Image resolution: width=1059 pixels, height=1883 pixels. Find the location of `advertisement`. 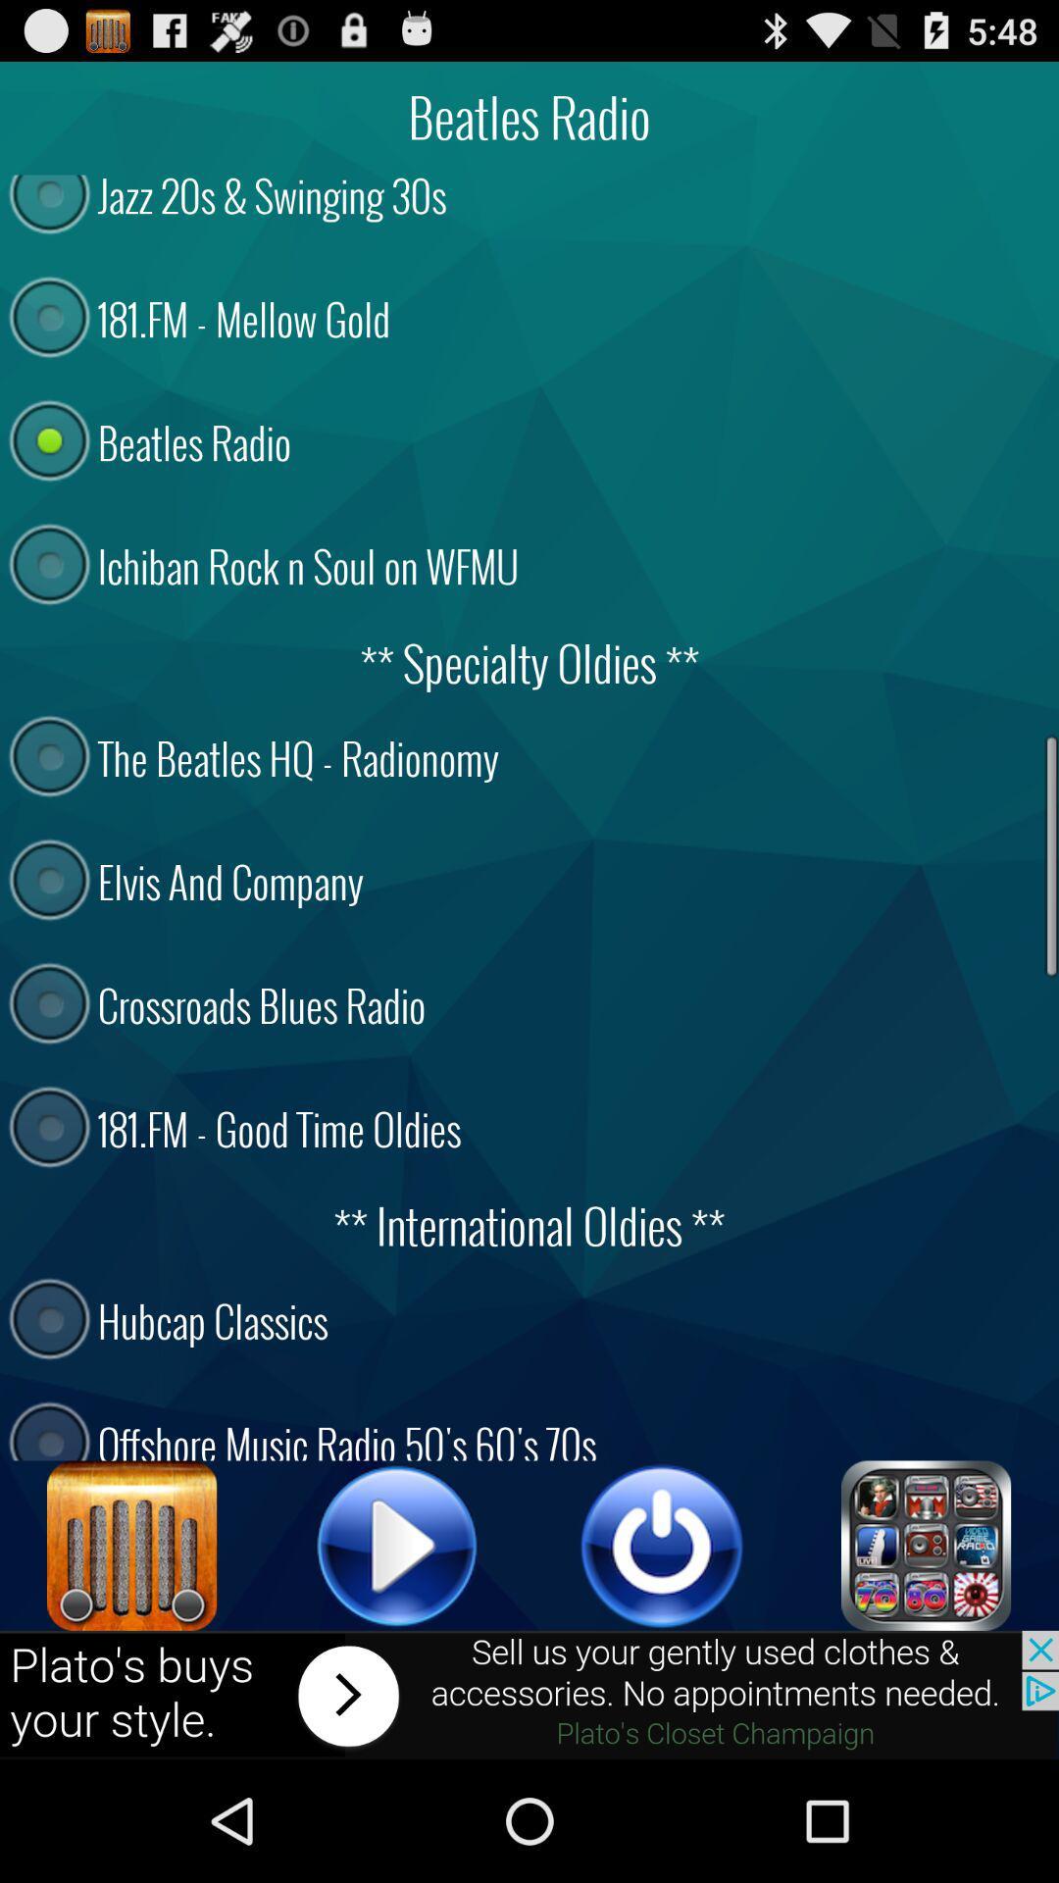

advertisement is located at coordinates (529, 1694).